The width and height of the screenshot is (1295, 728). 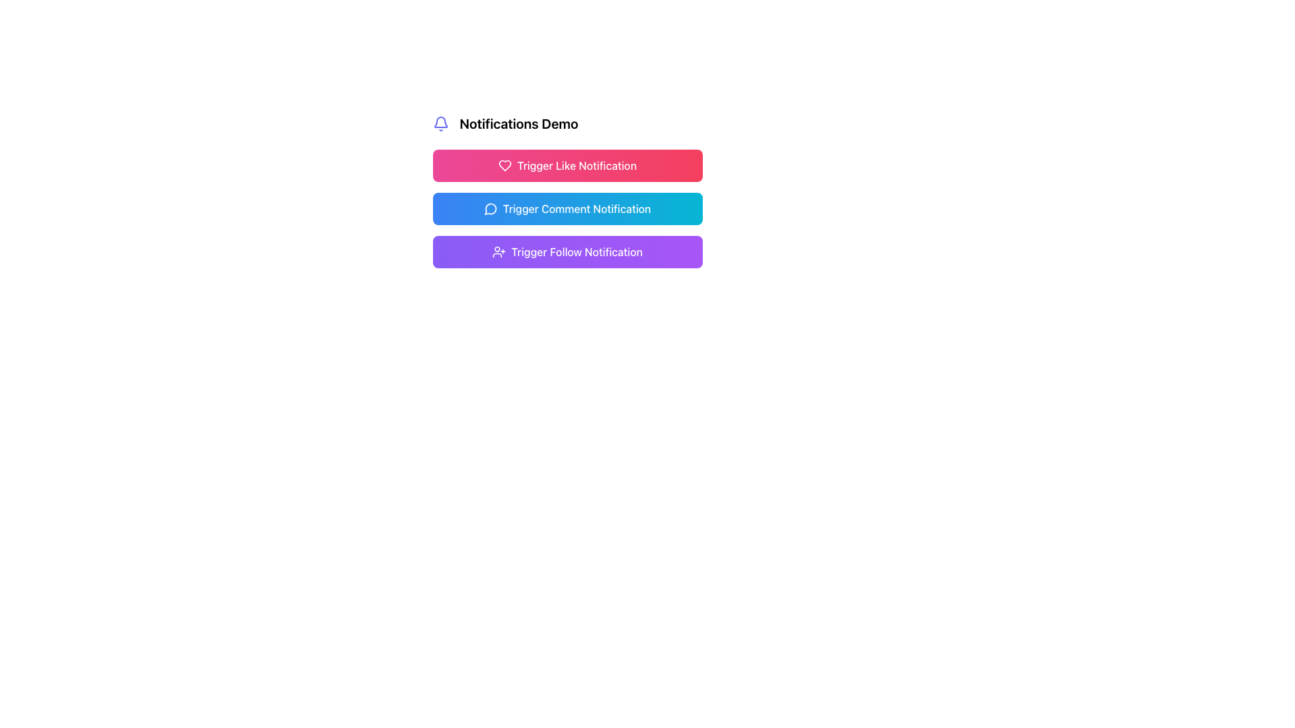 What do you see at coordinates (504, 165) in the screenshot?
I see `the heart icon located on the left side of the topmost button with a red to pink gradient background, to trigger the tooltip or visual feedback` at bounding box center [504, 165].